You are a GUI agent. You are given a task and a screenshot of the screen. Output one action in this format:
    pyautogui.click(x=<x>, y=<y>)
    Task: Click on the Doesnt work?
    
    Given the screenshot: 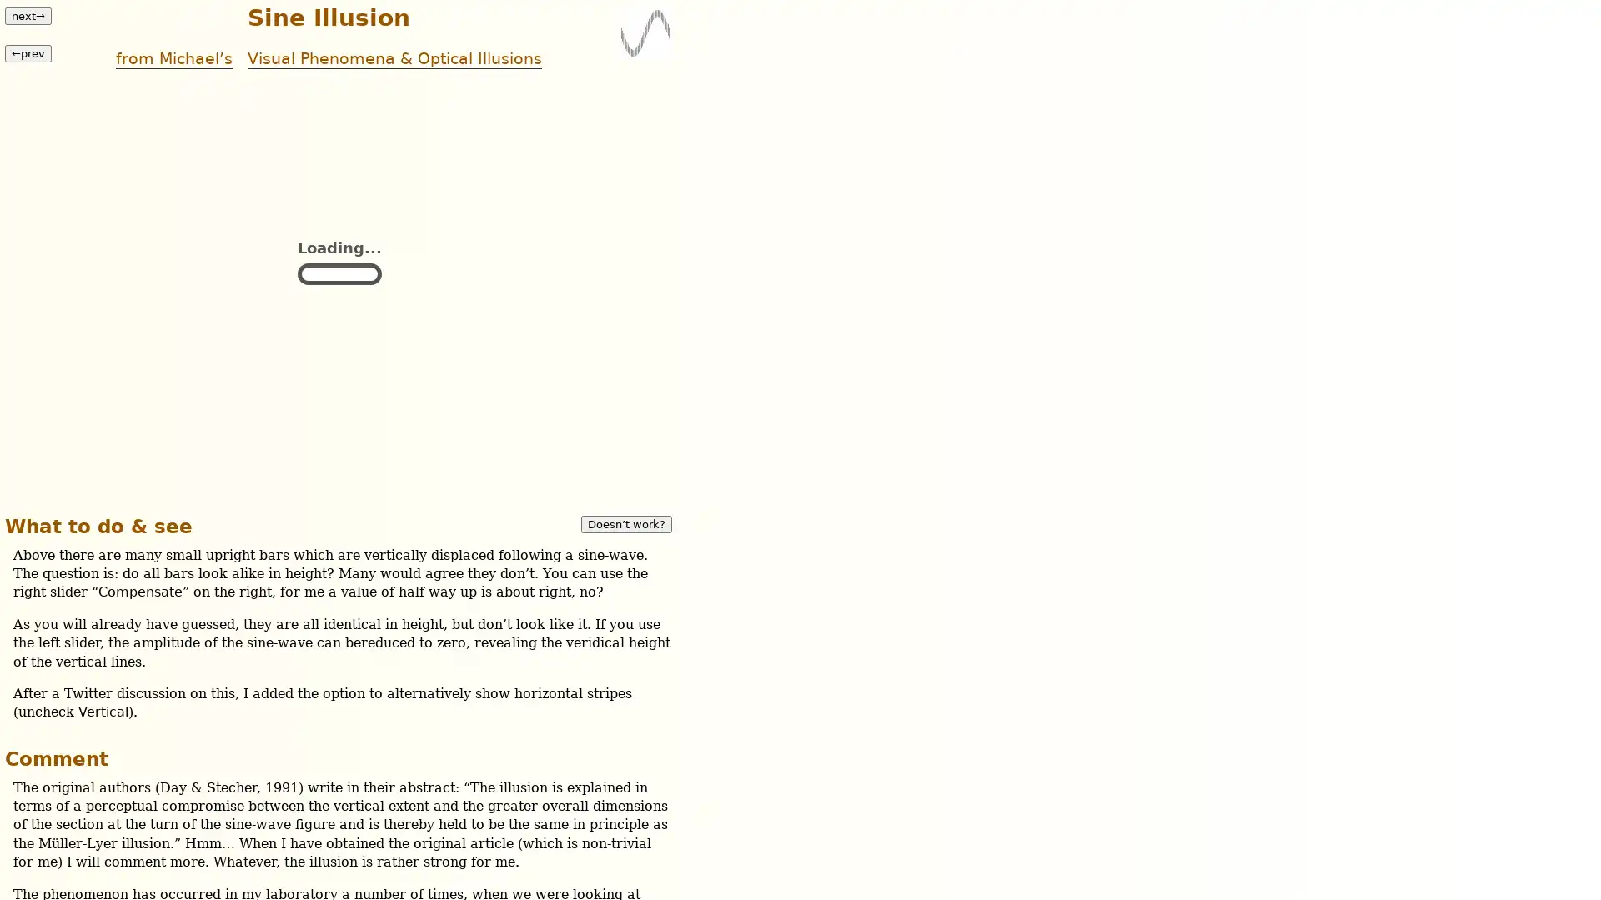 What is the action you would take?
    pyautogui.click(x=625, y=522)
    